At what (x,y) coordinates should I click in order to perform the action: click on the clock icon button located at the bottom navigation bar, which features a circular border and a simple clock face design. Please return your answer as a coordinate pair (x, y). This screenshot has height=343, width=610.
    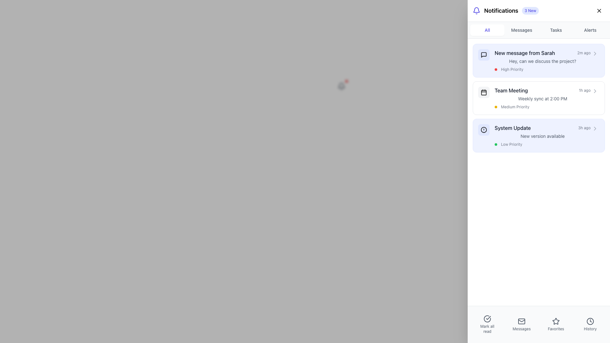
    Looking at the image, I should click on (590, 321).